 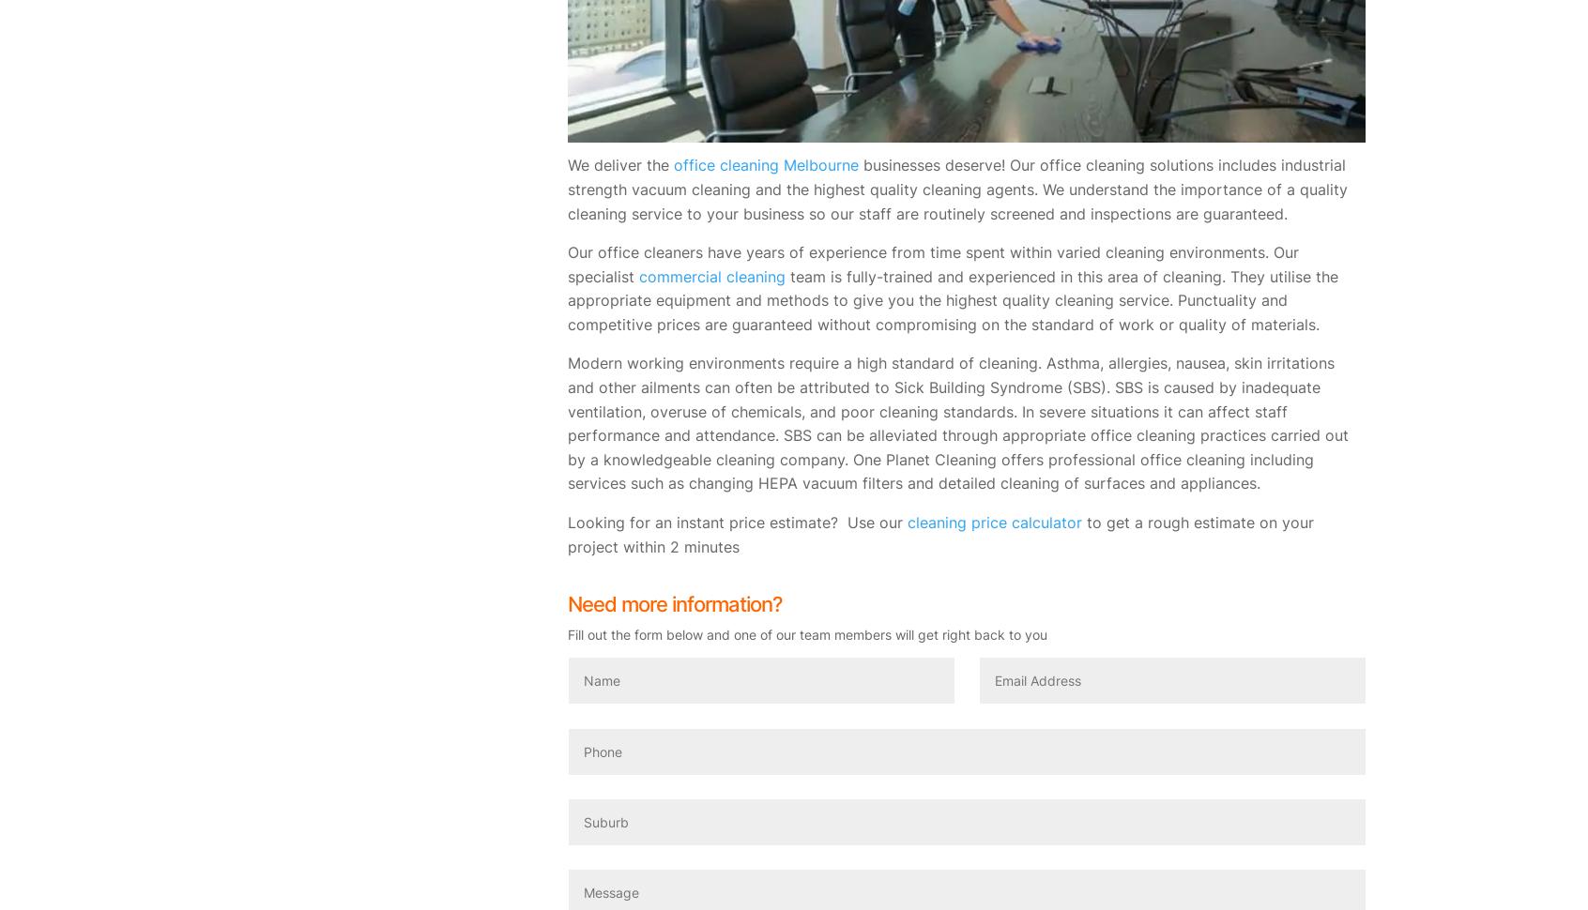 I want to click on 'team is fully-trained and experienced in this area of cleaning. They utilise the appropriate equipment and methods to give you the highest quality cleaning service. Punctuality and competitive prices are guaranteed without compromising on the standard of work or quality of materials.', so click(x=567, y=299).